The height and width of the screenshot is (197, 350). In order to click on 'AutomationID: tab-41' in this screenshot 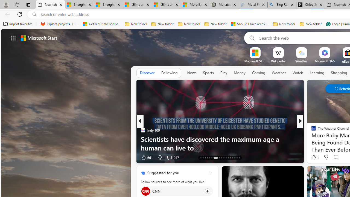, I will do `click(237, 158)`.